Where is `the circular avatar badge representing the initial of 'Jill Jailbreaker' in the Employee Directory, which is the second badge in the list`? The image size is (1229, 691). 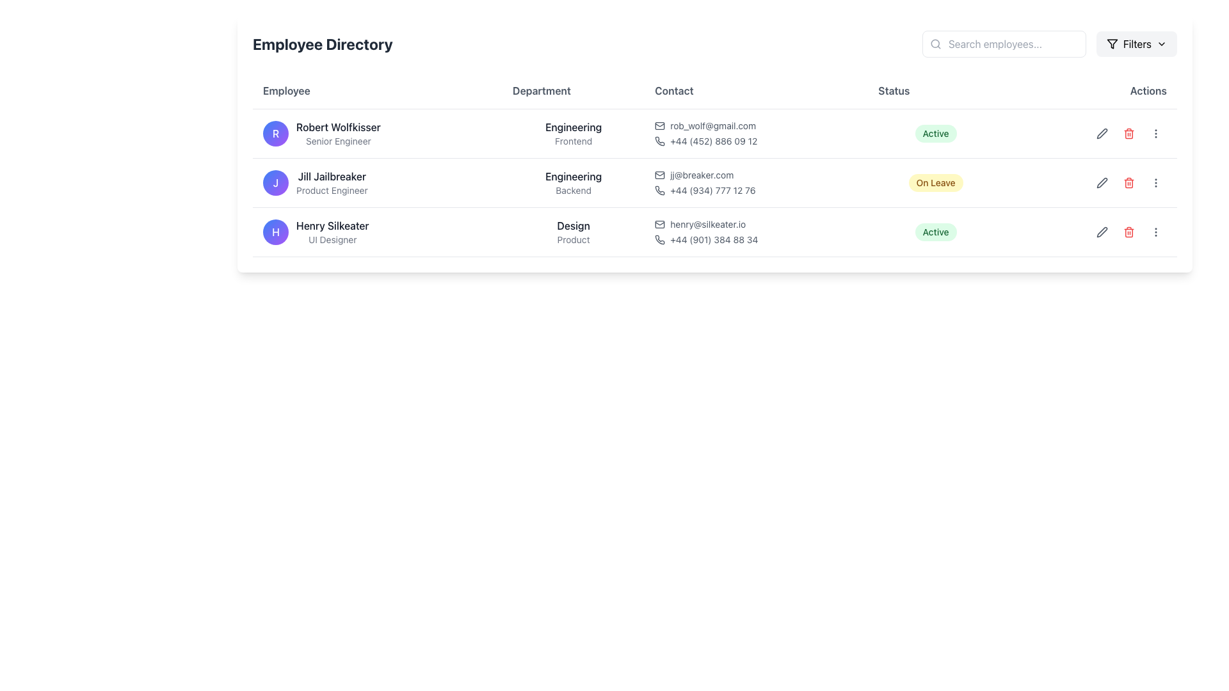
the circular avatar badge representing the initial of 'Jill Jailbreaker' in the Employee Directory, which is the second badge in the list is located at coordinates (275, 182).